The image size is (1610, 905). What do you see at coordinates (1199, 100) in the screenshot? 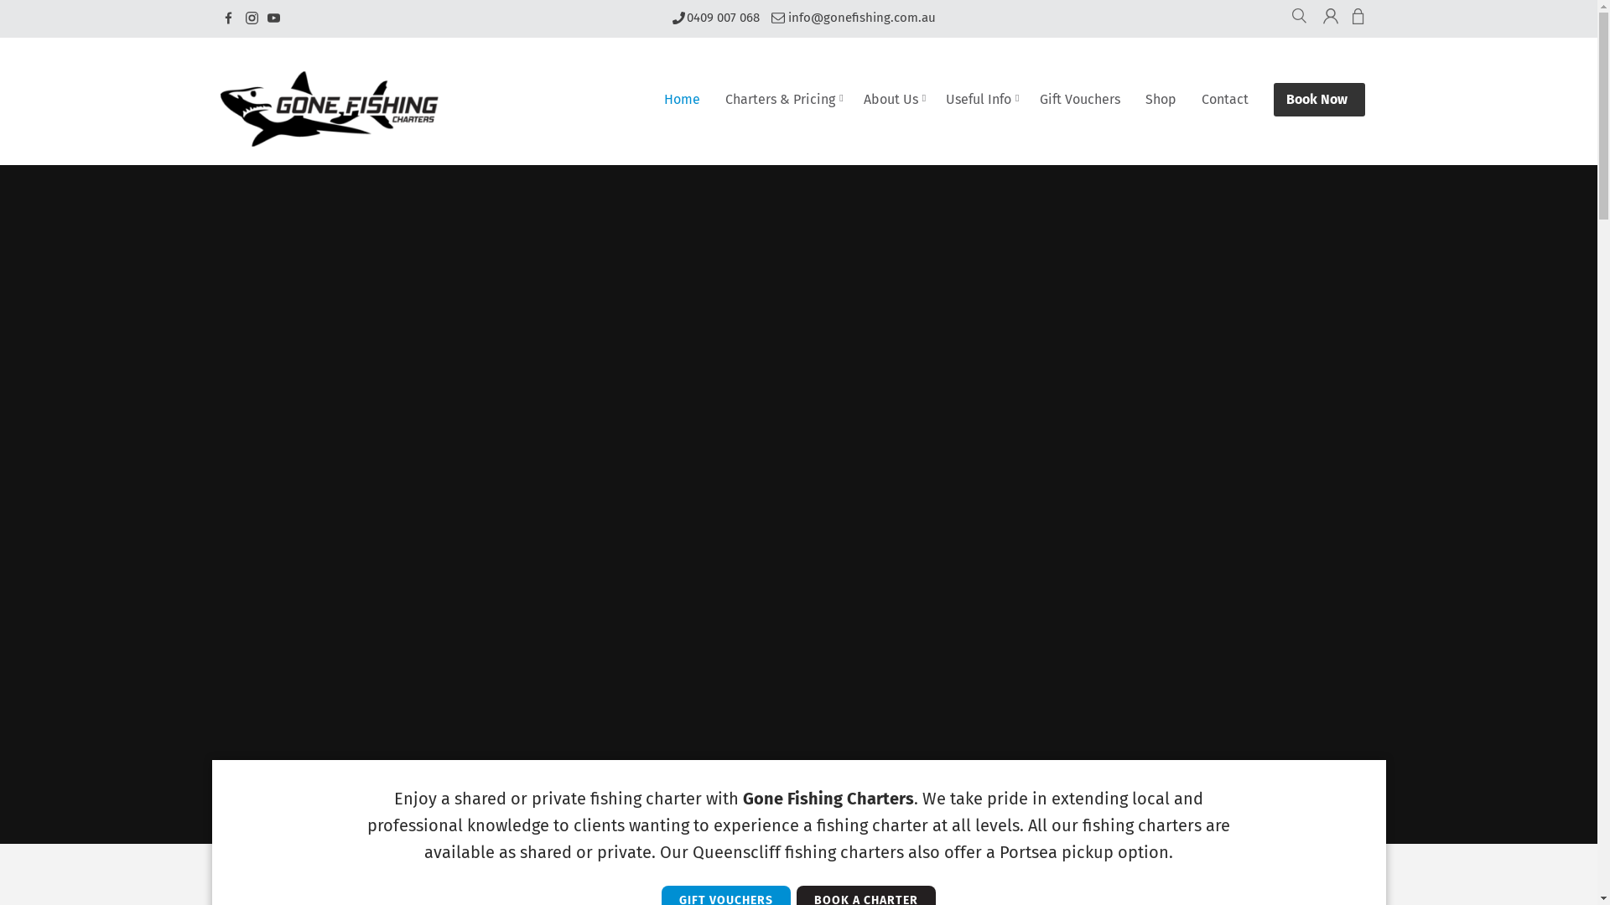
I see `'Contact'` at bounding box center [1199, 100].